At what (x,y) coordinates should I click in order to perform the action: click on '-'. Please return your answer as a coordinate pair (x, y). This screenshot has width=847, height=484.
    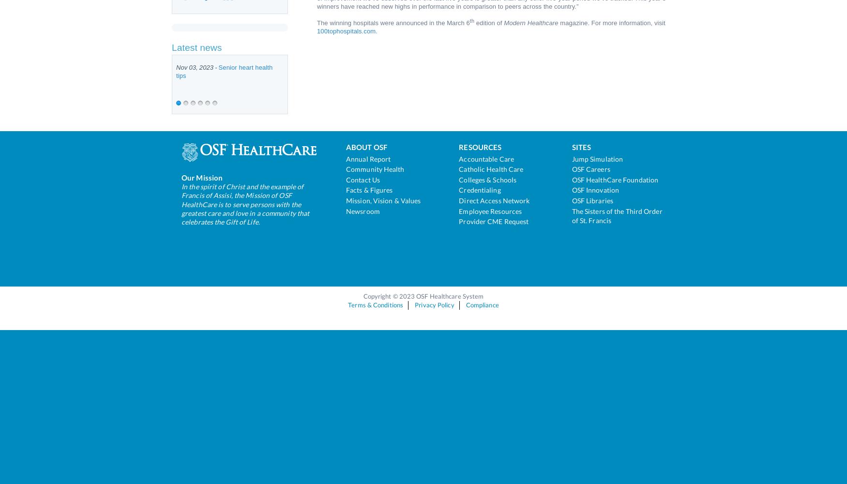
    Looking at the image, I should click on (216, 67).